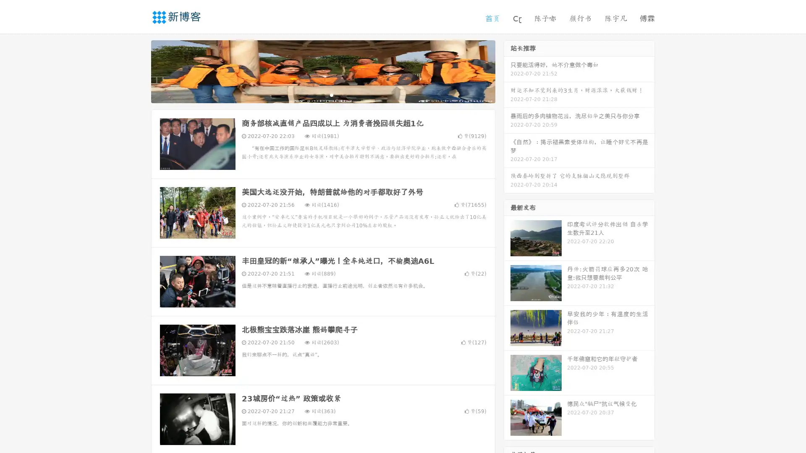 This screenshot has width=806, height=453. I want to click on Go to slide 3, so click(331, 94).